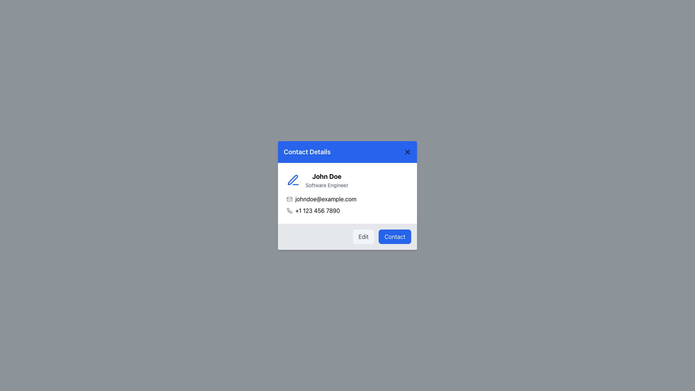 This screenshot has height=391, width=695. I want to click on the 'Close' button located in the top-right corner of the 'Contact Details' dialog box, so click(408, 152).